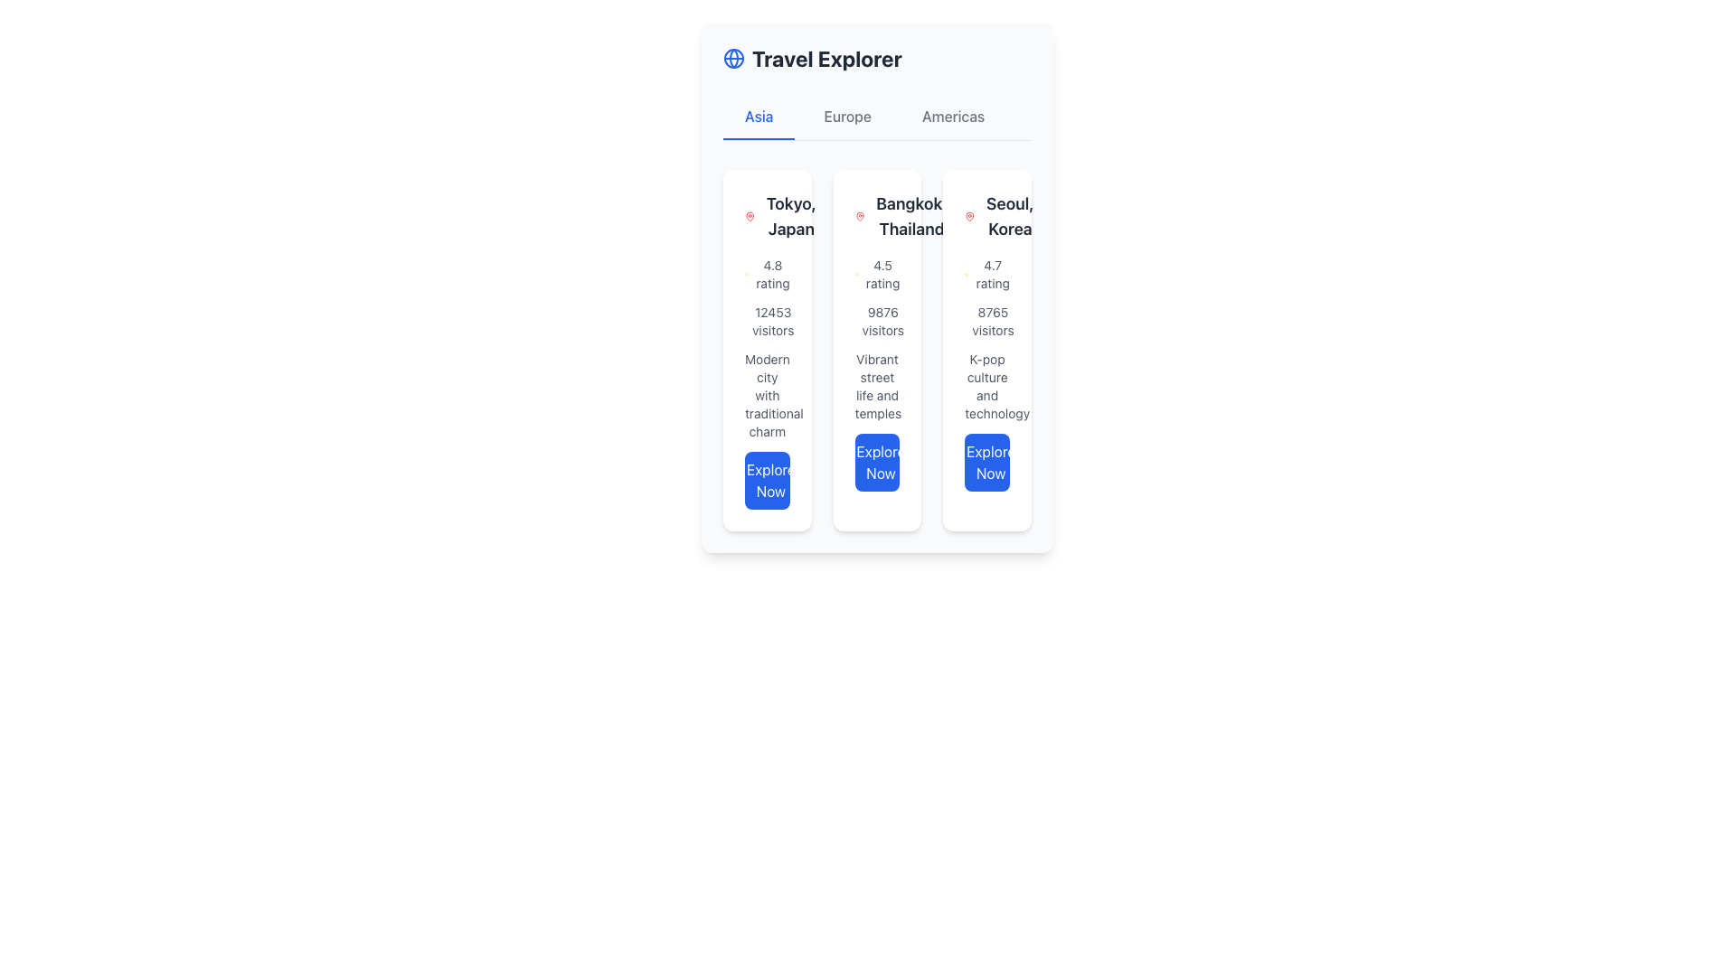 This screenshot has height=976, width=1736. I want to click on the 'Explore Now' button located beneath the text 'Modern city with traditional charm' in the leftmost column under the 'Asia' tab to observe hover effects, so click(767, 480).